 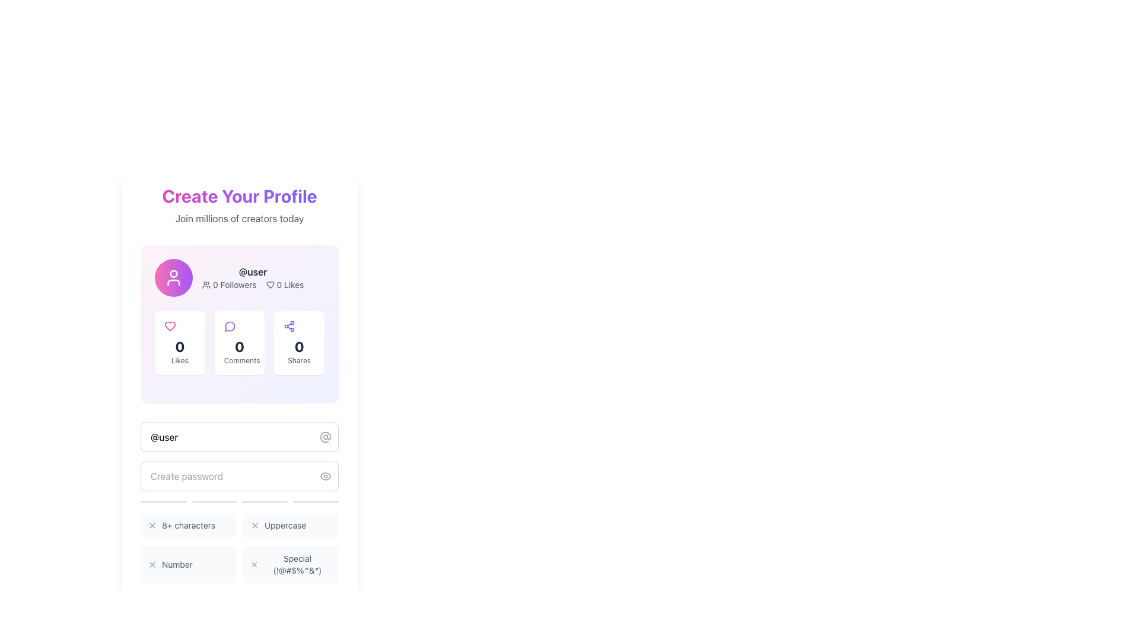 I want to click on description of the password requirement element that specifies the inclusion of a numeric character, which is the third entry in the grid, located in the bottom-left corner, so click(x=187, y=564).